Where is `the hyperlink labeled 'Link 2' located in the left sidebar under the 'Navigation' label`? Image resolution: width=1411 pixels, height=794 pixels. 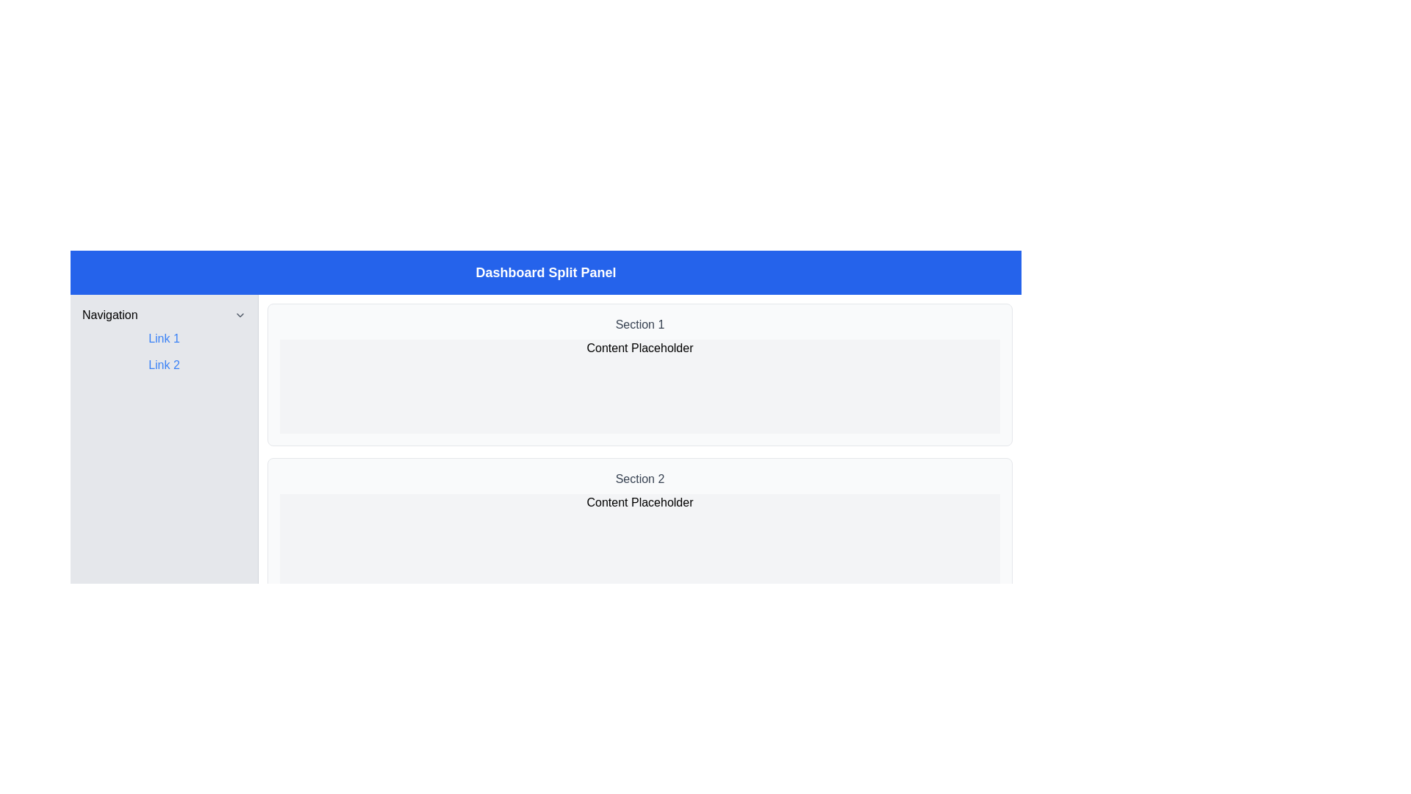 the hyperlink labeled 'Link 2' located in the left sidebar under the 'Navigation' label is located at coordinates (164, 365).